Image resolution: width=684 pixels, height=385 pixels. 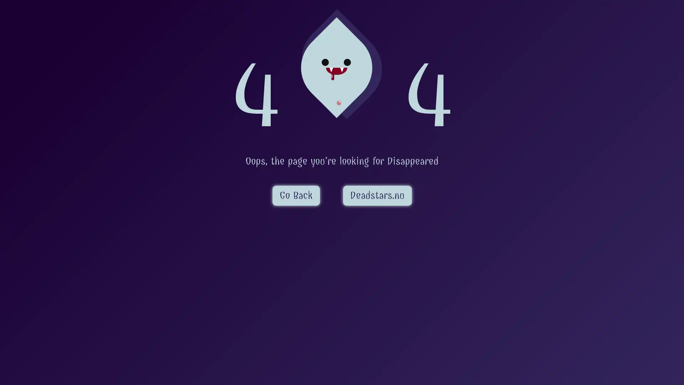 I want to click on Go Back, so click(x=296, y=195).